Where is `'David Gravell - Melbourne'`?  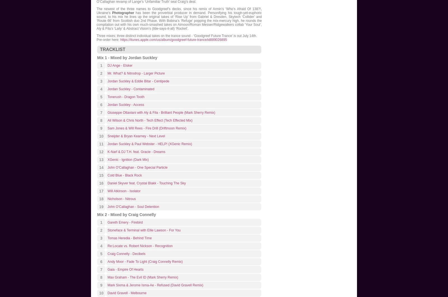
'David Gravell - Melbourne' is located at coordinates (127, 293).